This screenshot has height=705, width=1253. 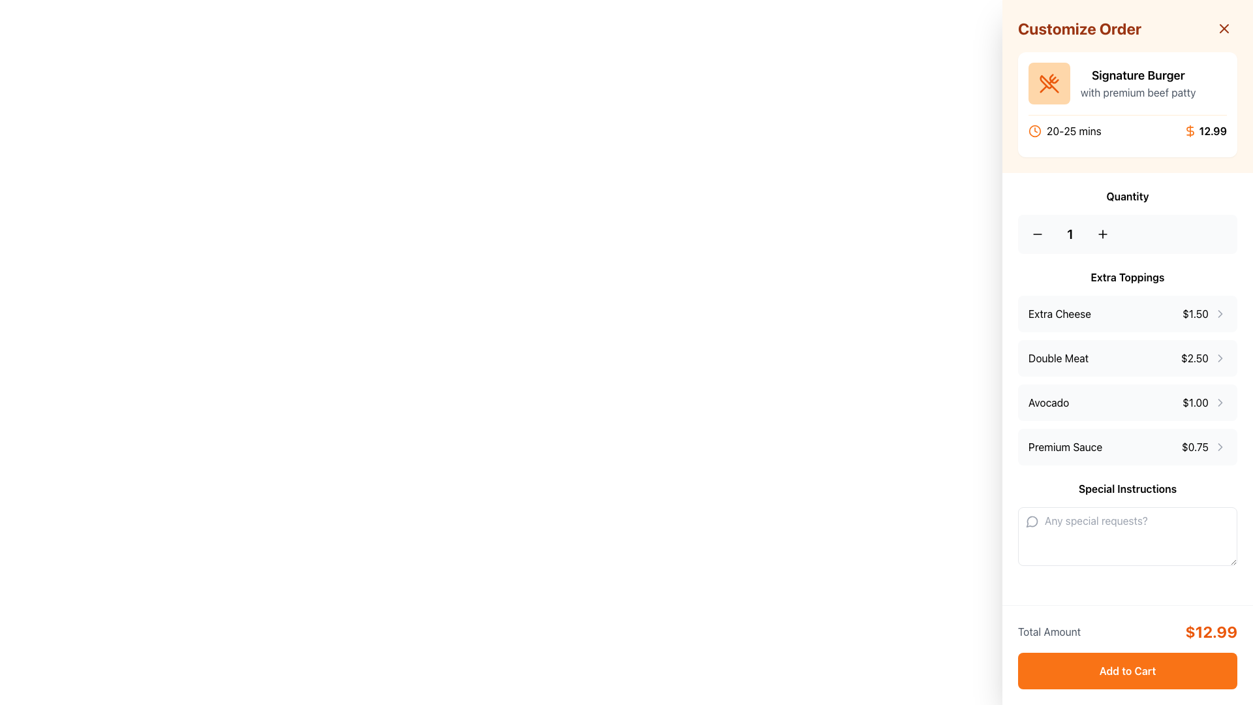 I want to click on the close button located in the top-right corner of the 'Customize Order' overlay panel, so click(x=1224, y=28).